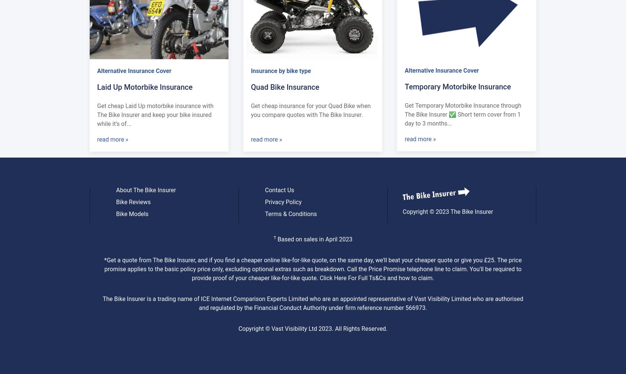 This screenshot has width=626, height=374. What do you see at coordinates (281, 70) in the screenshot?
I see `'Insurance by bike type'` at bounding box center [281, 70].